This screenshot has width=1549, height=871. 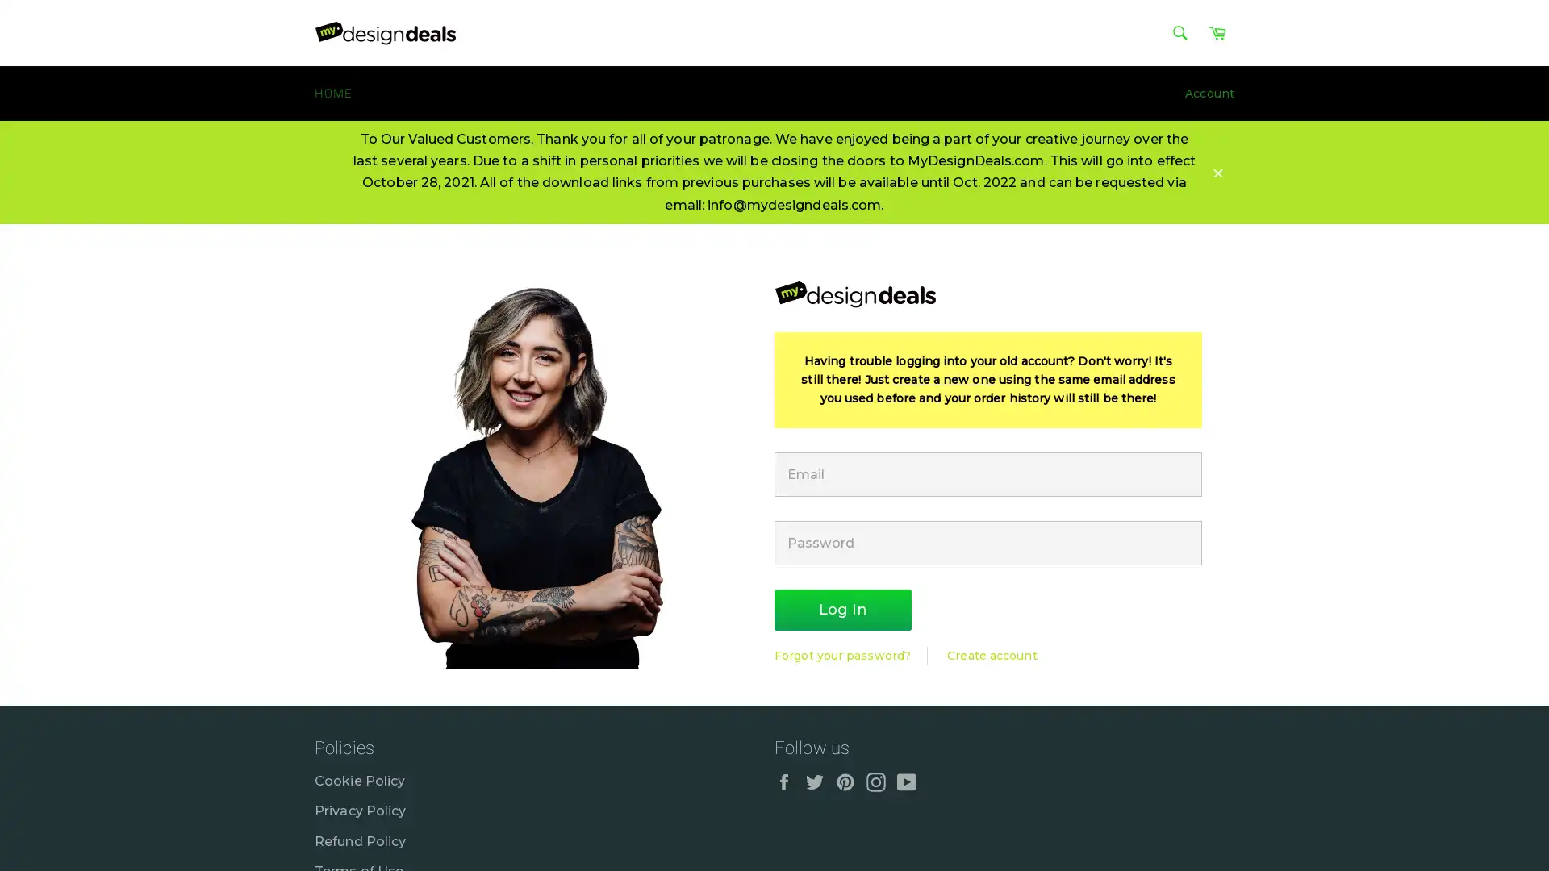 I want to click on Close, so click(x=1218, y=171).